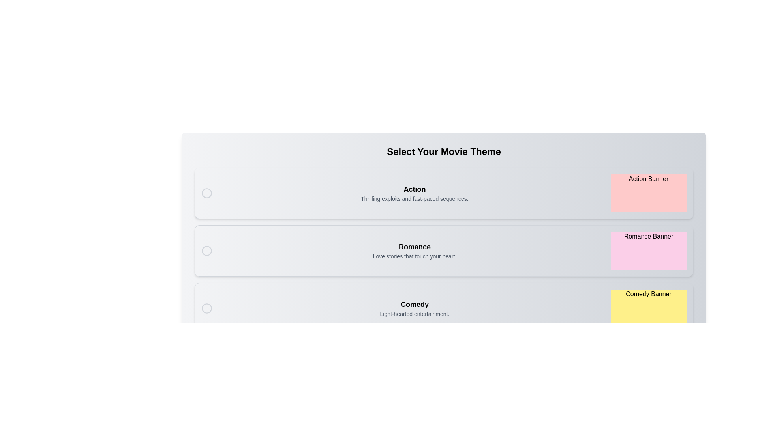  I want to click on the Text Header element located at the top section of the panel with a gradient background and rounded corners, which informs the user about the content of the selection interface below it, so click(444, 152).